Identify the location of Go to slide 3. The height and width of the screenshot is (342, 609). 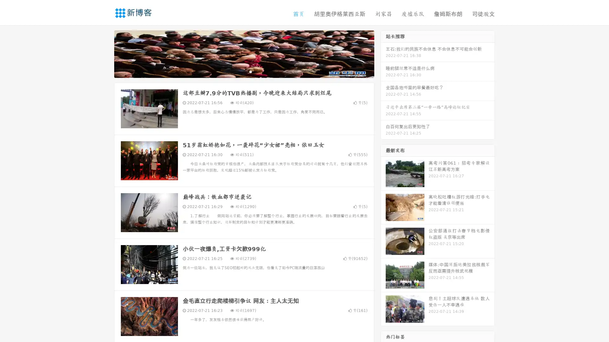
(250, 71).